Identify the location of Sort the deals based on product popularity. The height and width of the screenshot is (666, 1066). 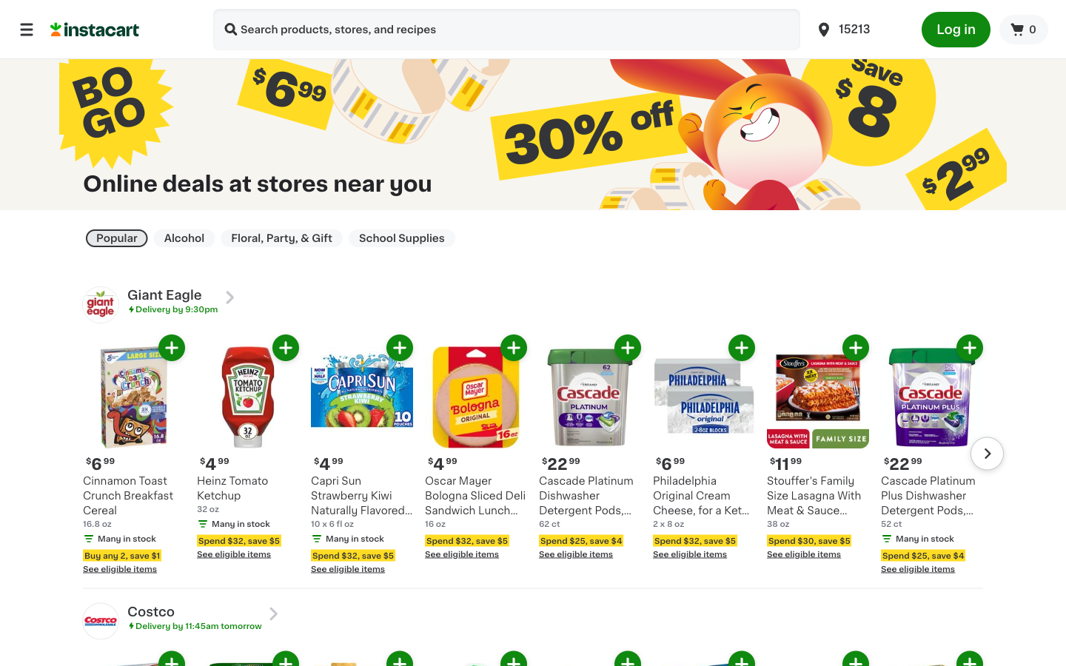
(115, 238).